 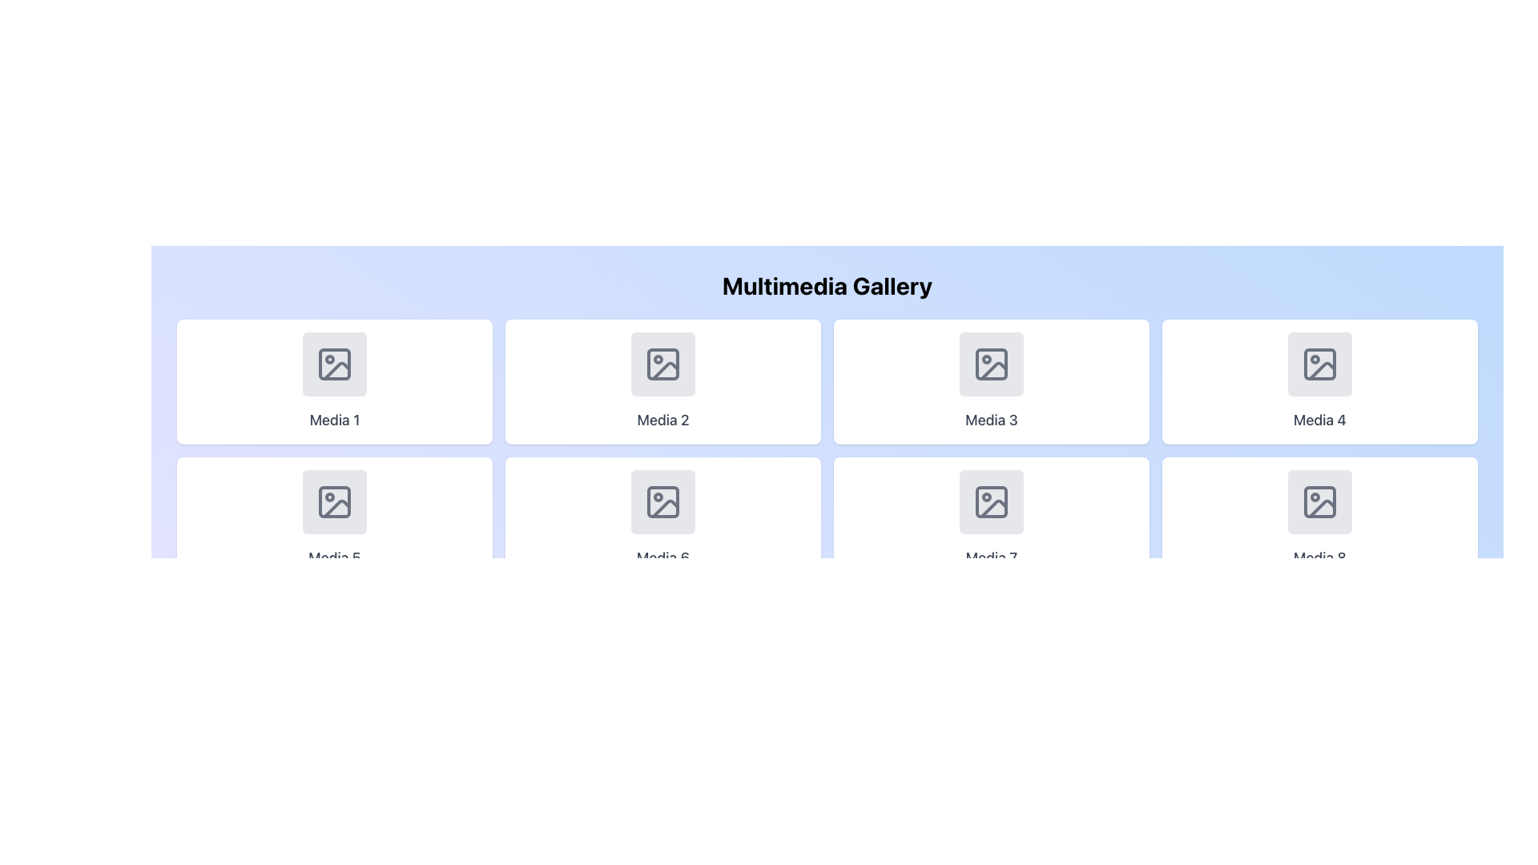 What do you see at coordinates (1319, 382) in the screenshot?
I see `the visual representation of 'Media 4', which is the fourth card in a grid located in the top-right corner, directly following 'Media 3' and above 'Media 8'` at bounding box center [1319, 382].